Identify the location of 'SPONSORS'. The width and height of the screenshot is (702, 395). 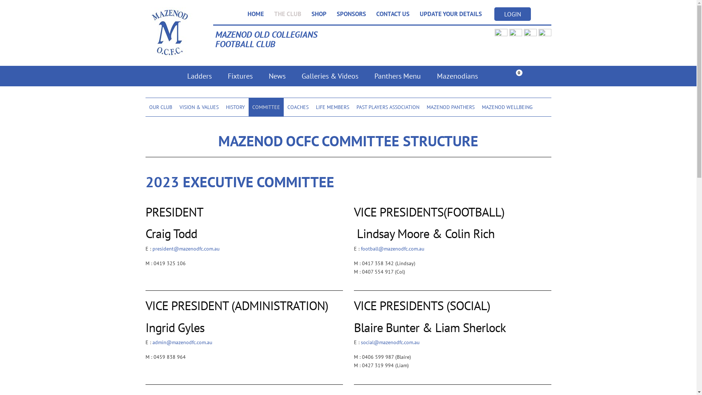
(351, 14).